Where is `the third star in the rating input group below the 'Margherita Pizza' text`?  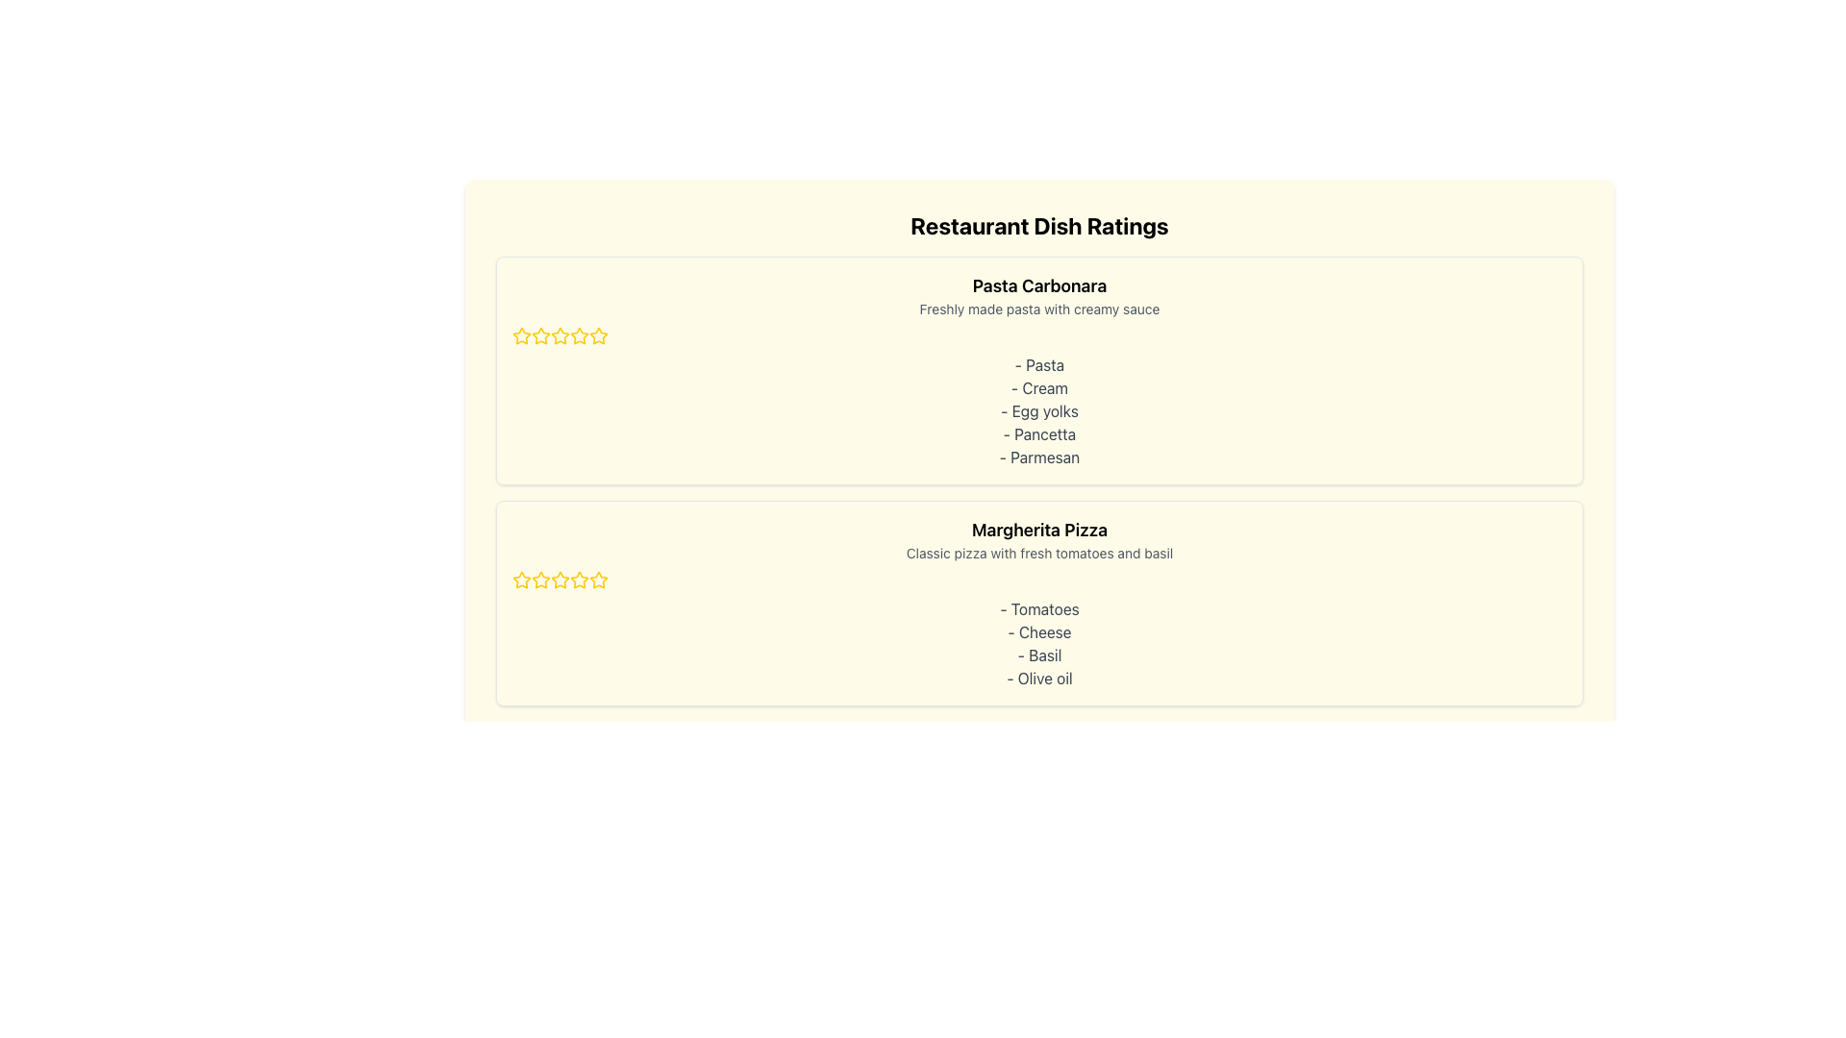 the third star in the rating input group below the 'Margherita Pizza' text is located at coordinates (539, 580).